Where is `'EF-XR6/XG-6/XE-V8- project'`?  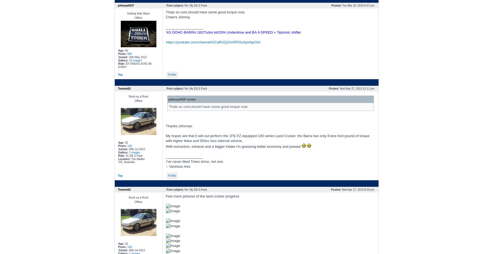
'EF-XR6/XG-6/XE-V8- project' is located at coordinates (135, 65).